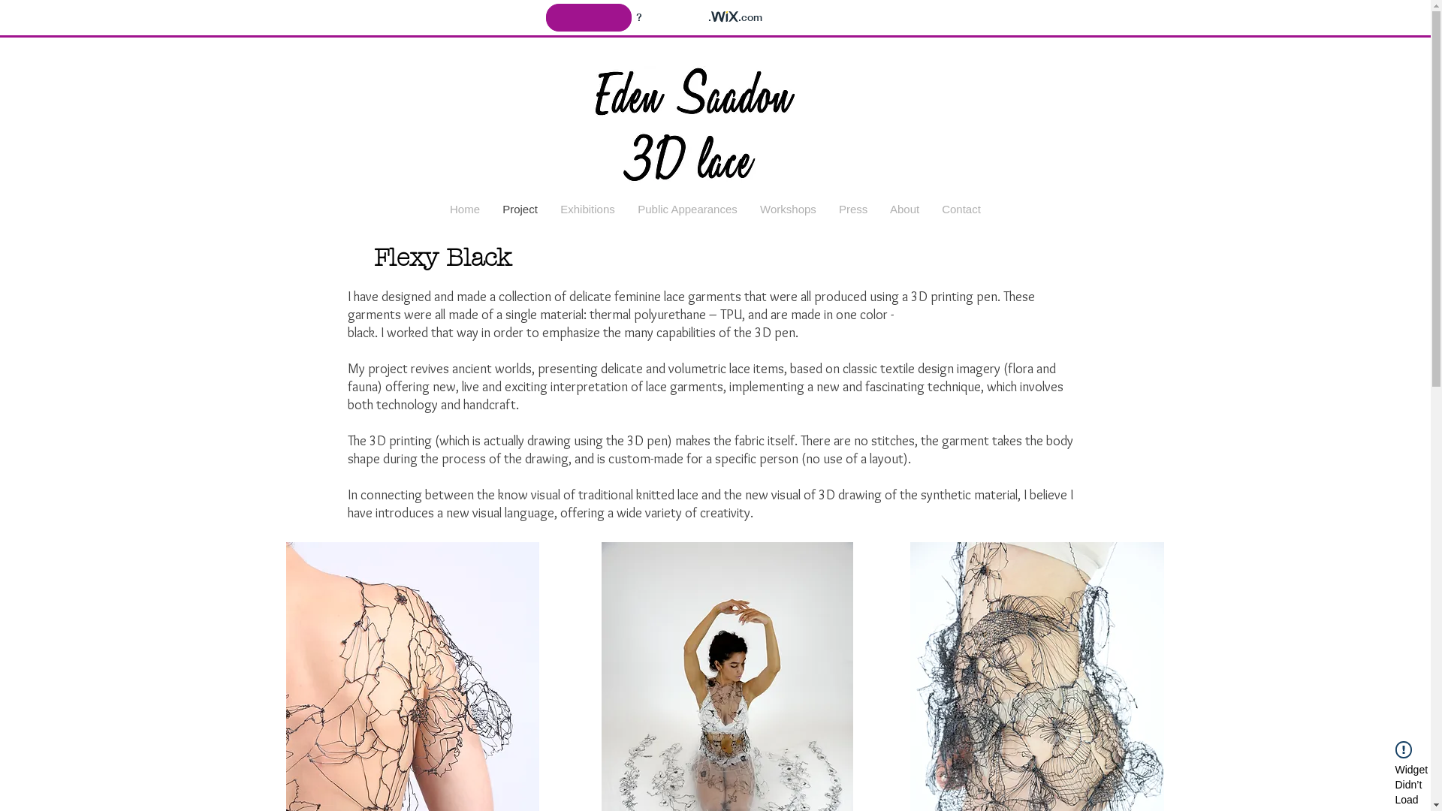  Describe the element at coordinates (587, 209) in the screenshot. I see `'Exhibitions'` at that location.